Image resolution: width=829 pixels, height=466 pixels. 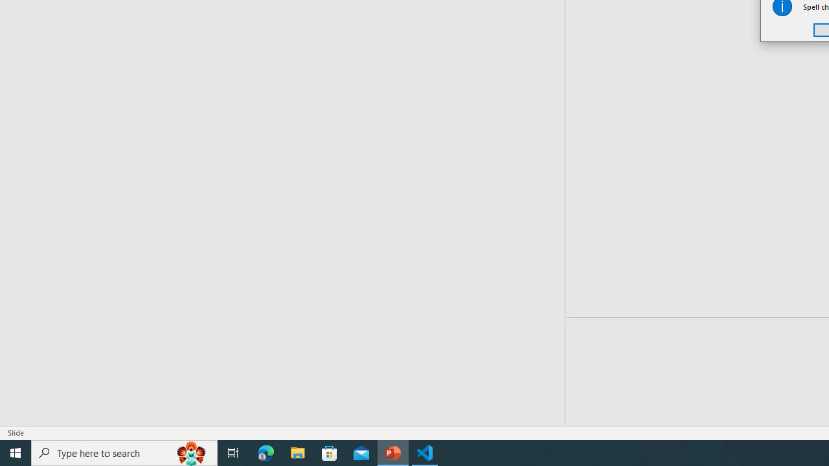 I want to click on 'Start', so click(x=16, y=452).